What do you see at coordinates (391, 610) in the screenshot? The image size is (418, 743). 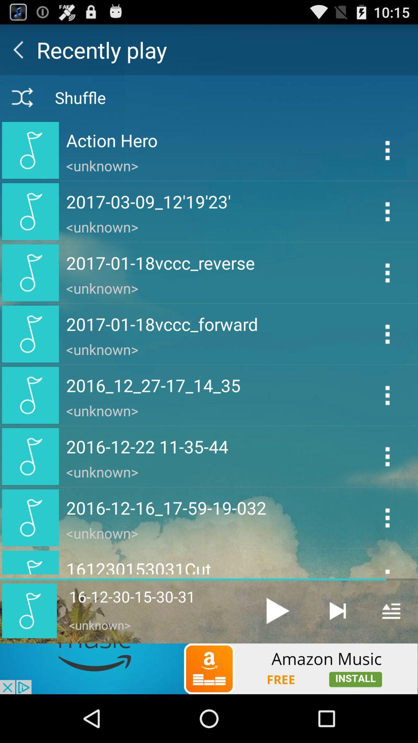 I see `show playlist` at bounding box center [391, 610].